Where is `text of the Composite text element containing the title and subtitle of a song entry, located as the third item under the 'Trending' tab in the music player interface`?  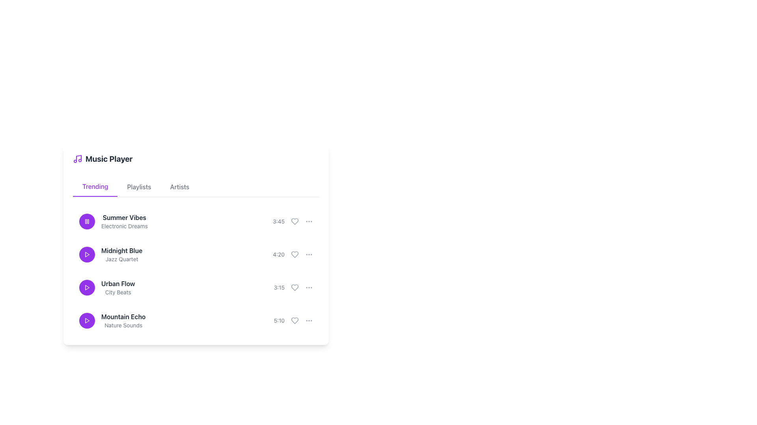
text of the Composite text element containing the title and subtitle of a song entry, located as the third item under the 'Trending' tab in the music player interface is located at coordinates (117, 288).